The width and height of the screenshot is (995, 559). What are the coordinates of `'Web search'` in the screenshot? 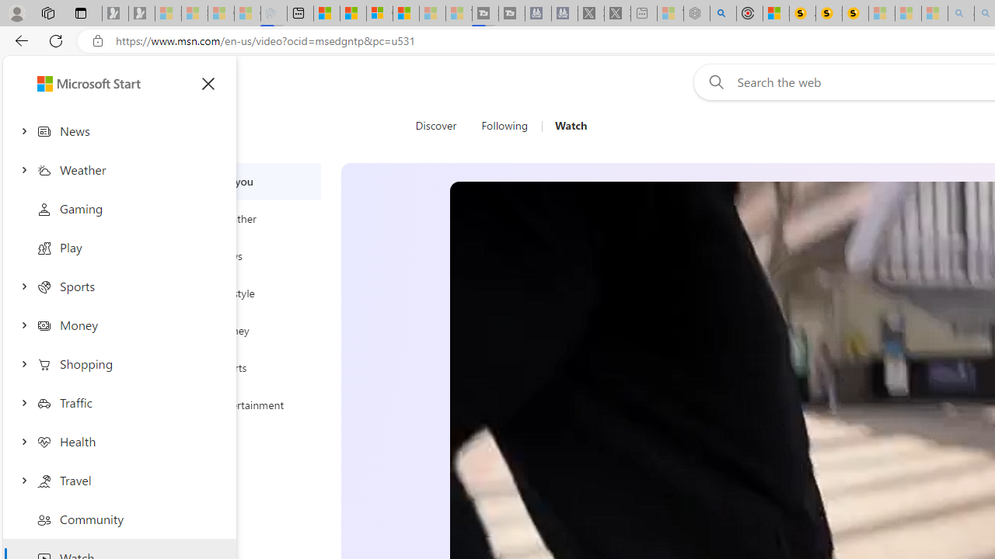 It's located at (712, 82).